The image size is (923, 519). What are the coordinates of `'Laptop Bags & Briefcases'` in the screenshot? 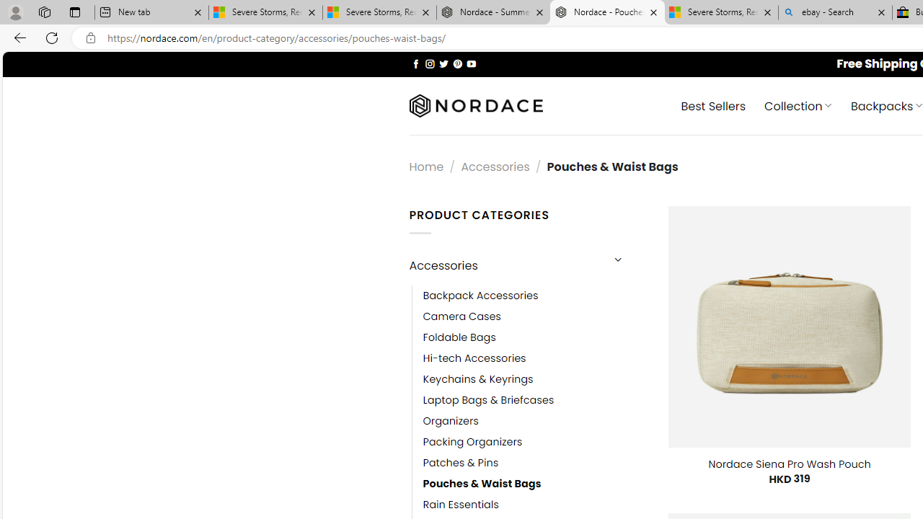 It's located at (488, 400).